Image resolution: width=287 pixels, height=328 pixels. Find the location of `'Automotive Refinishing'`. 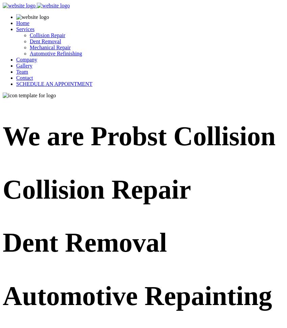

'Automotive Refinishing' is located at coordinates (29, 53).